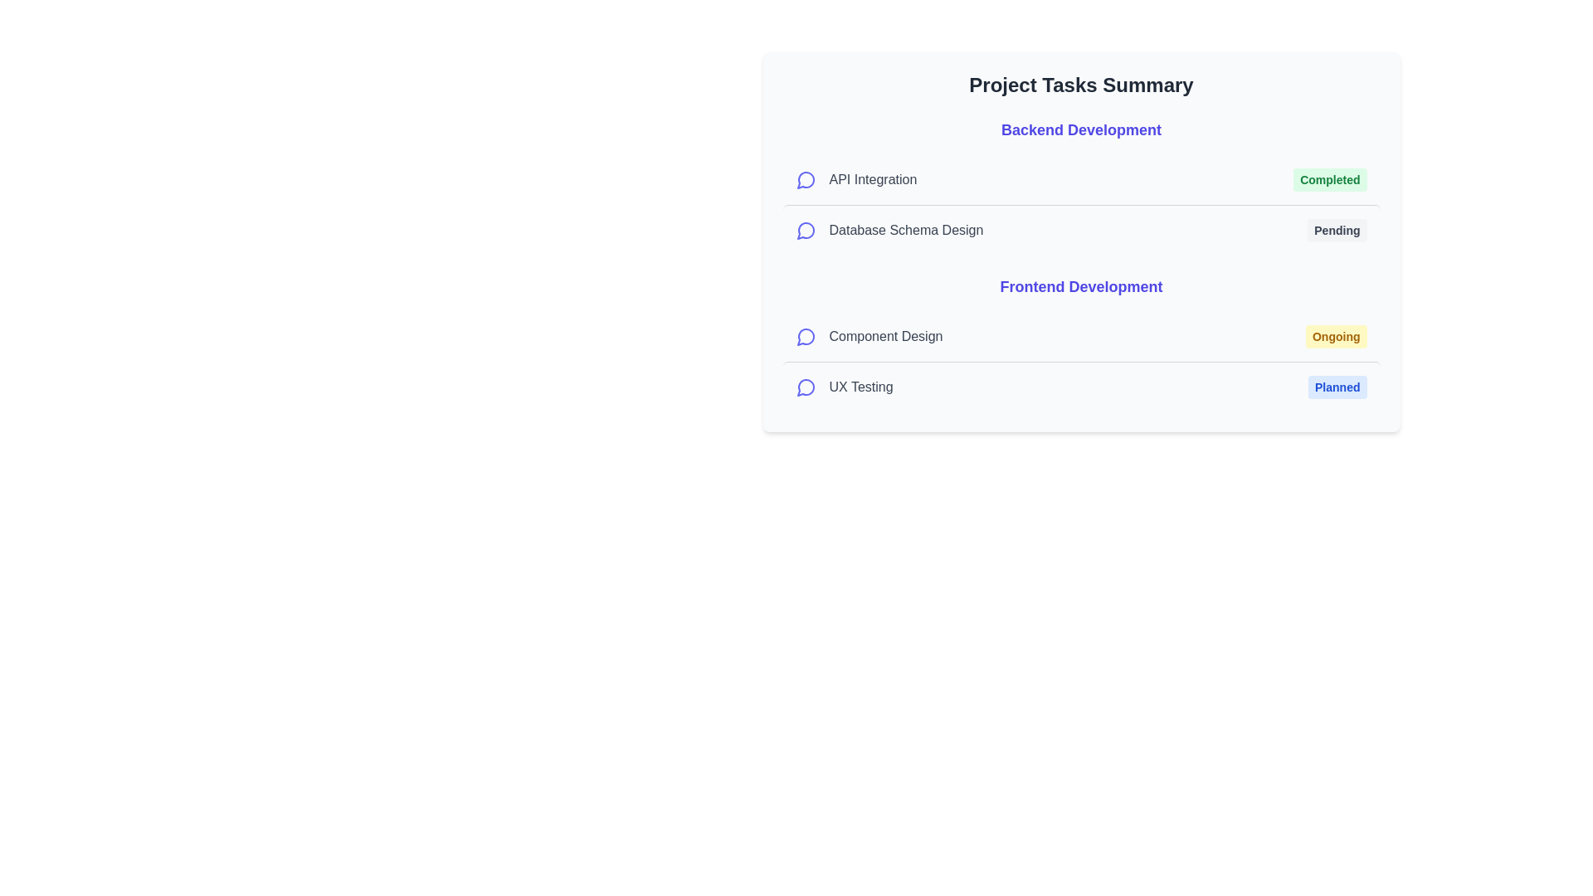 This screenshot has width=1593, height=896. Describe the element at coordinates (872, 179) in the screenshot. I see `the label that describes a list item, located immediately to the right of a distinctive indigo-blue speech bubble icon` at that location.